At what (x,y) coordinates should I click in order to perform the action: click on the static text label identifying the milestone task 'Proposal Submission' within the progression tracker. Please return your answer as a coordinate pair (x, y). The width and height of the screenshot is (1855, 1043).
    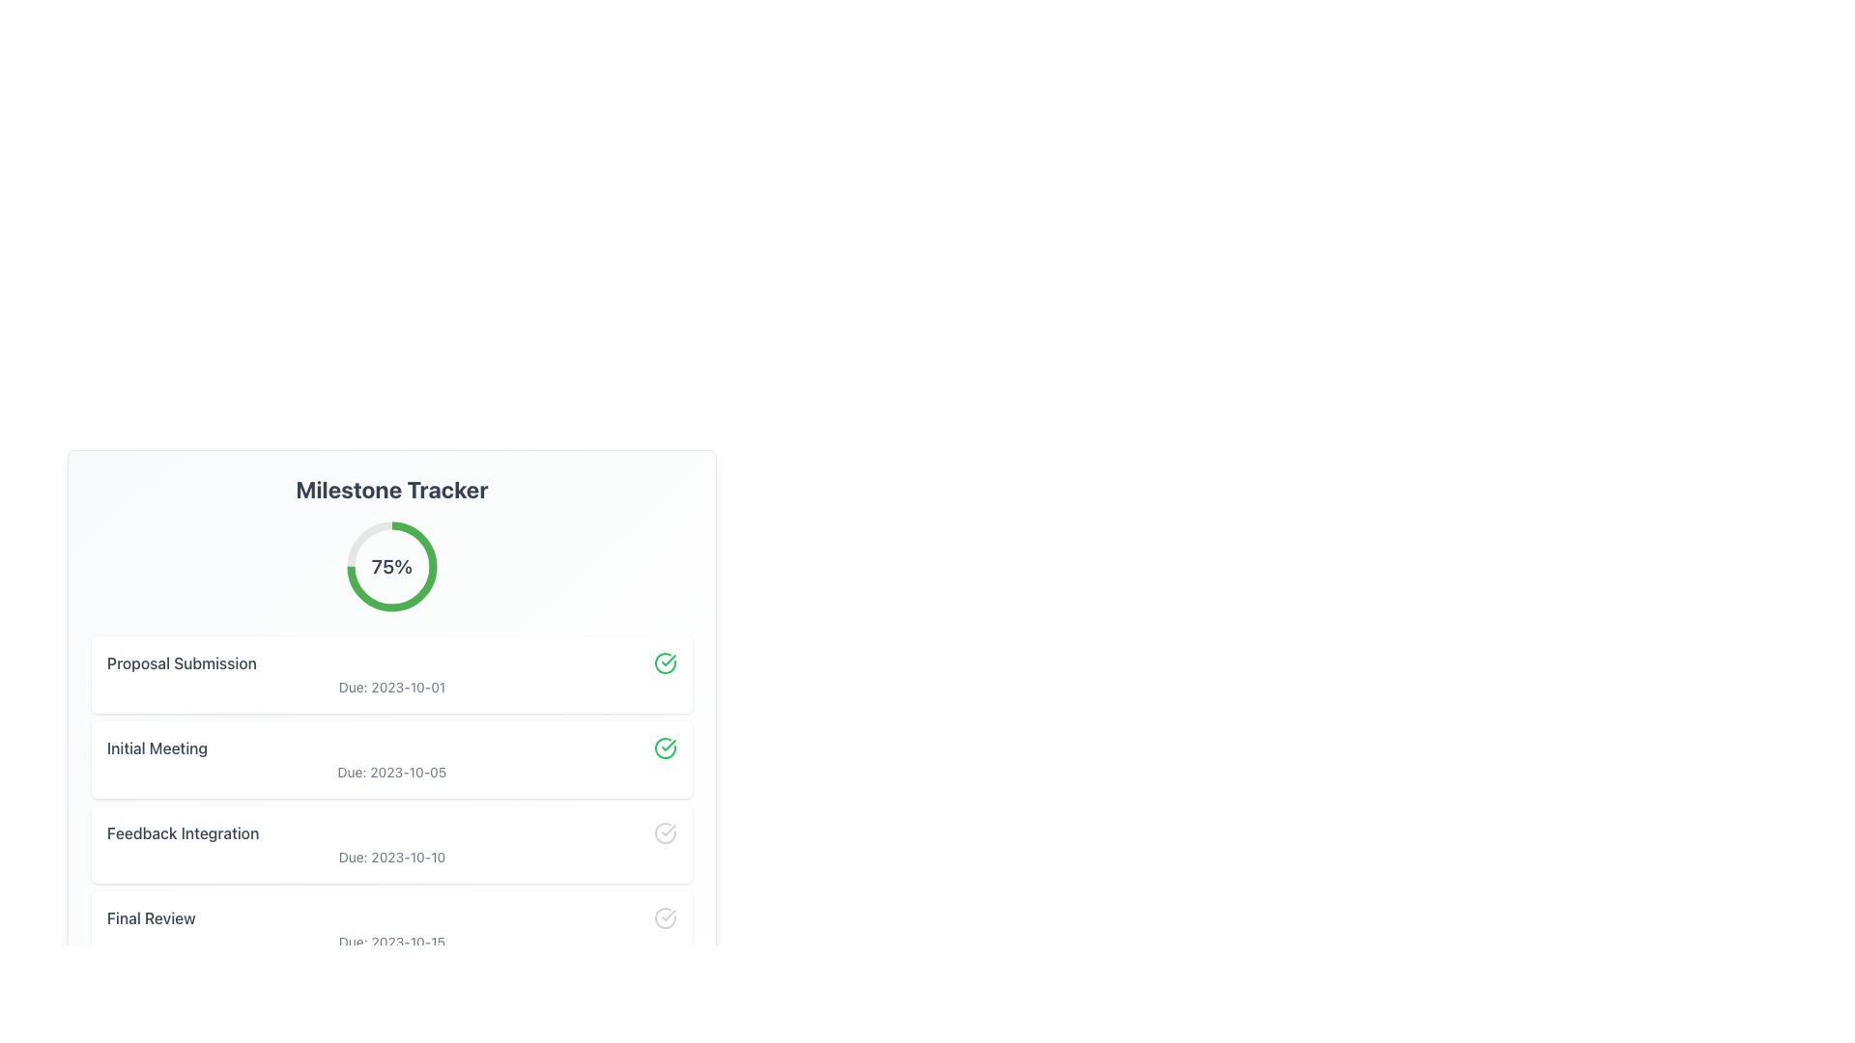
    Looking at the image, I should click on (182, 662).